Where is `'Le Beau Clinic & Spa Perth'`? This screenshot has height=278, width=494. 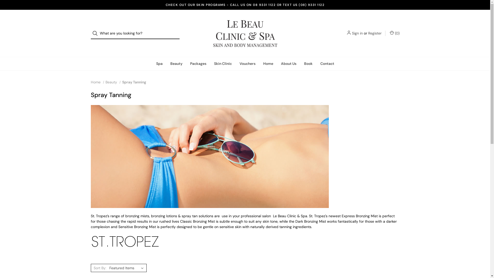
'Le Beau Clinic & Spa Perth' is located at coordinates (206, 33).